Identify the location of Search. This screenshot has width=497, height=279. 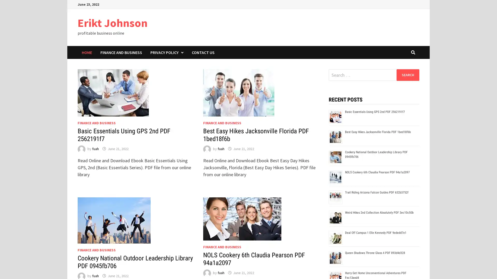
(407, 75).